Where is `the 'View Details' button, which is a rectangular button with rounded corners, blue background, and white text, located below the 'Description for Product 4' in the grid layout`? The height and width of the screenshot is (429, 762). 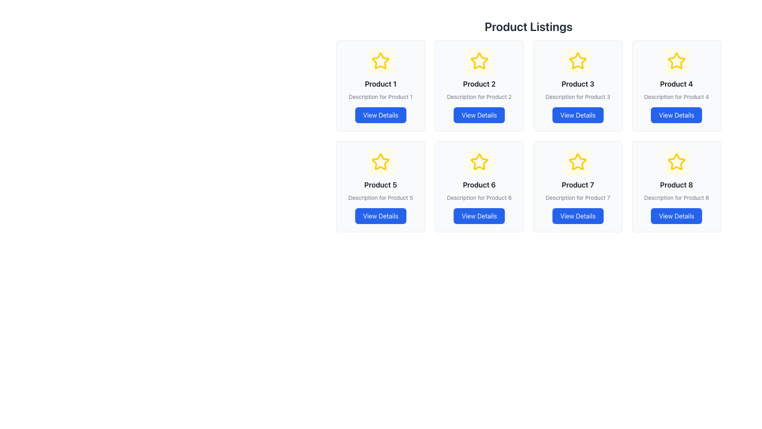 the 'View Details' button, which is a rectangular button with rounded corners, blue background, and white text, located below the 'Description for Product 4' in the grid layout is located at coordinates (676, 115).